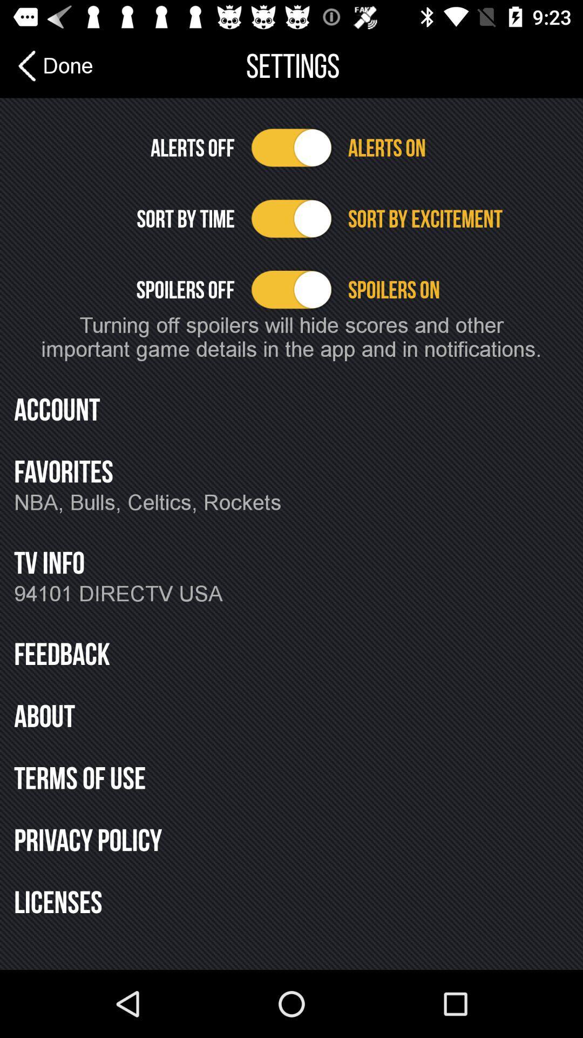  What do you see at coordinates (291, 289) in the screenshot?
I see `turn spoilers off` at bounding box center [291, 289].